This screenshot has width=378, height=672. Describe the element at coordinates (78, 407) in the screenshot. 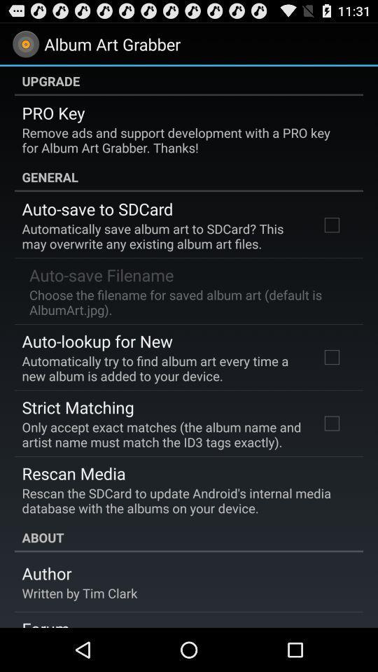

I see `item above the only accept exact icon` at that location.